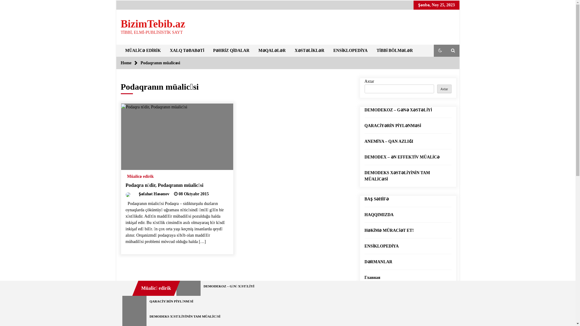 Image resolution: width=580 pixels, height=326 pixels. Describe the element at coordinates (121, 63) in the screenshot. I see `'Home'` at that location.